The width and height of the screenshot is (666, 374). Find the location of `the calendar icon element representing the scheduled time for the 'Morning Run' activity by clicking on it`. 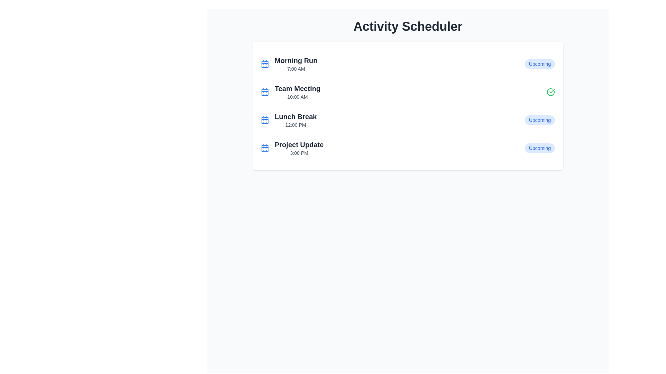

the calendar icon element representing the scheduled time for the 'Morning Run' activity by clicking on it is located at coordinates (264, 64).